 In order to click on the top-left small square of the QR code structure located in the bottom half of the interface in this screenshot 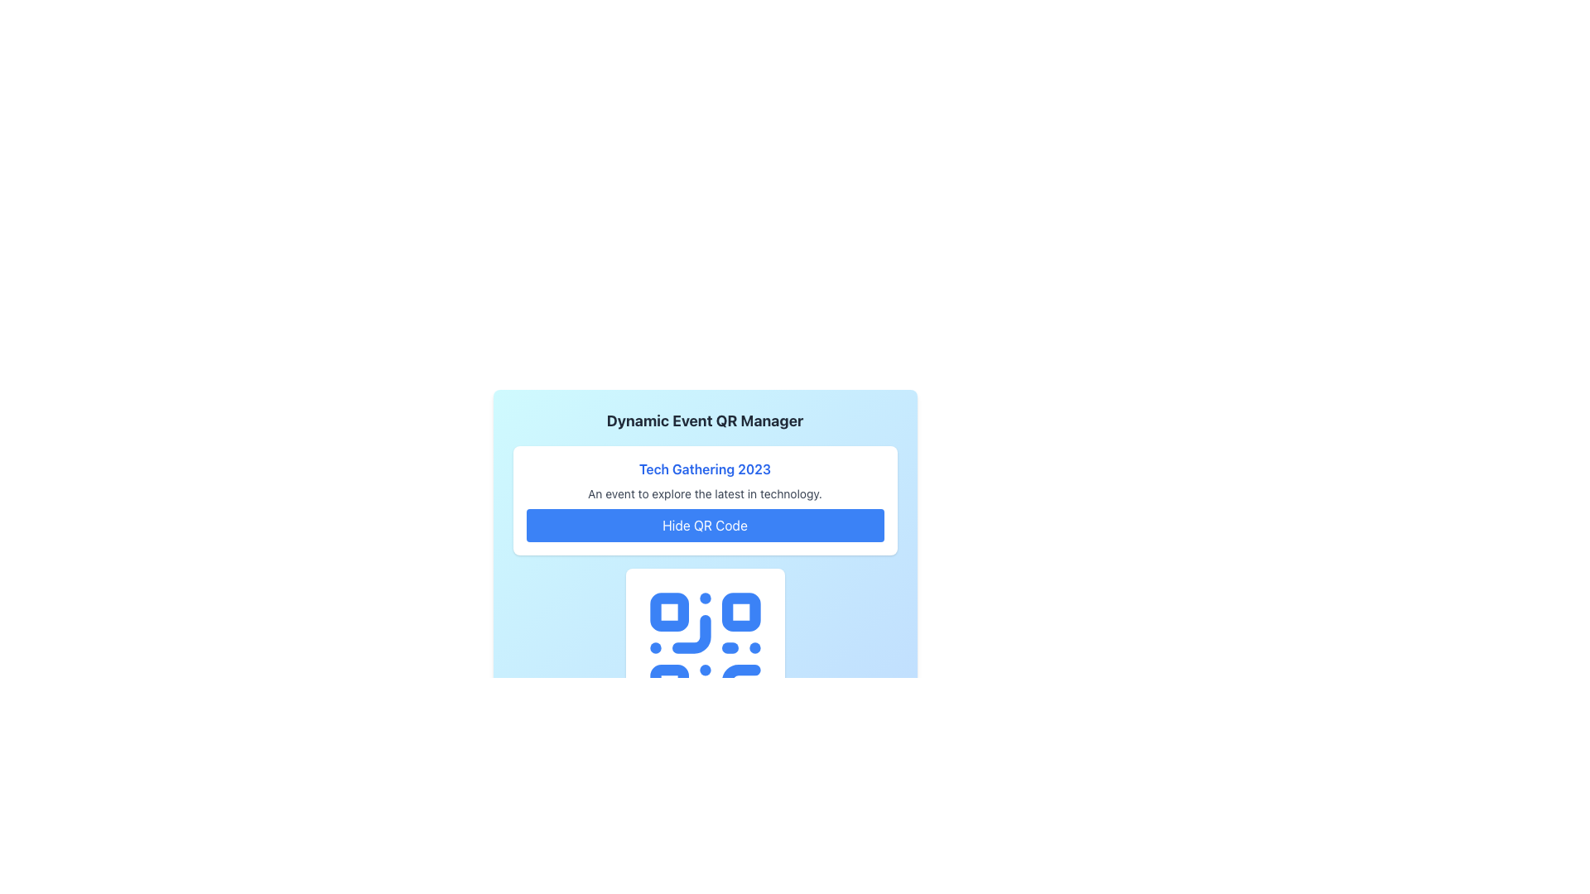, I will do `click(669, 612)`.